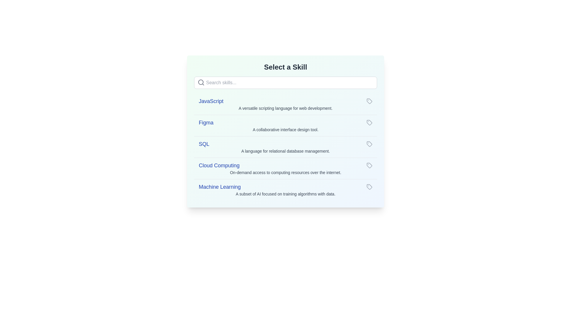 The image size is (563, 317). I want to click on the informational text label below the 'Machine Learning' title in the options list, so click(286, 194).